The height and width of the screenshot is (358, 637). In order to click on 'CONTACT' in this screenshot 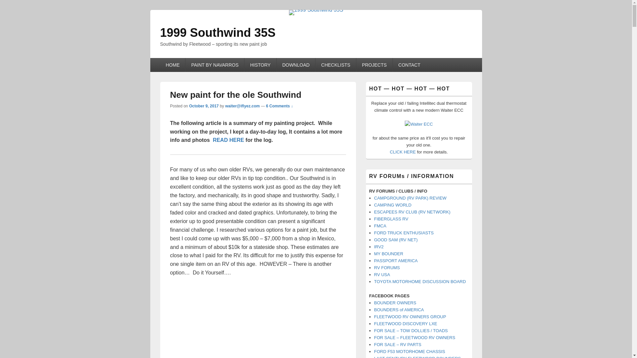, I will do `click(409, 65)`.